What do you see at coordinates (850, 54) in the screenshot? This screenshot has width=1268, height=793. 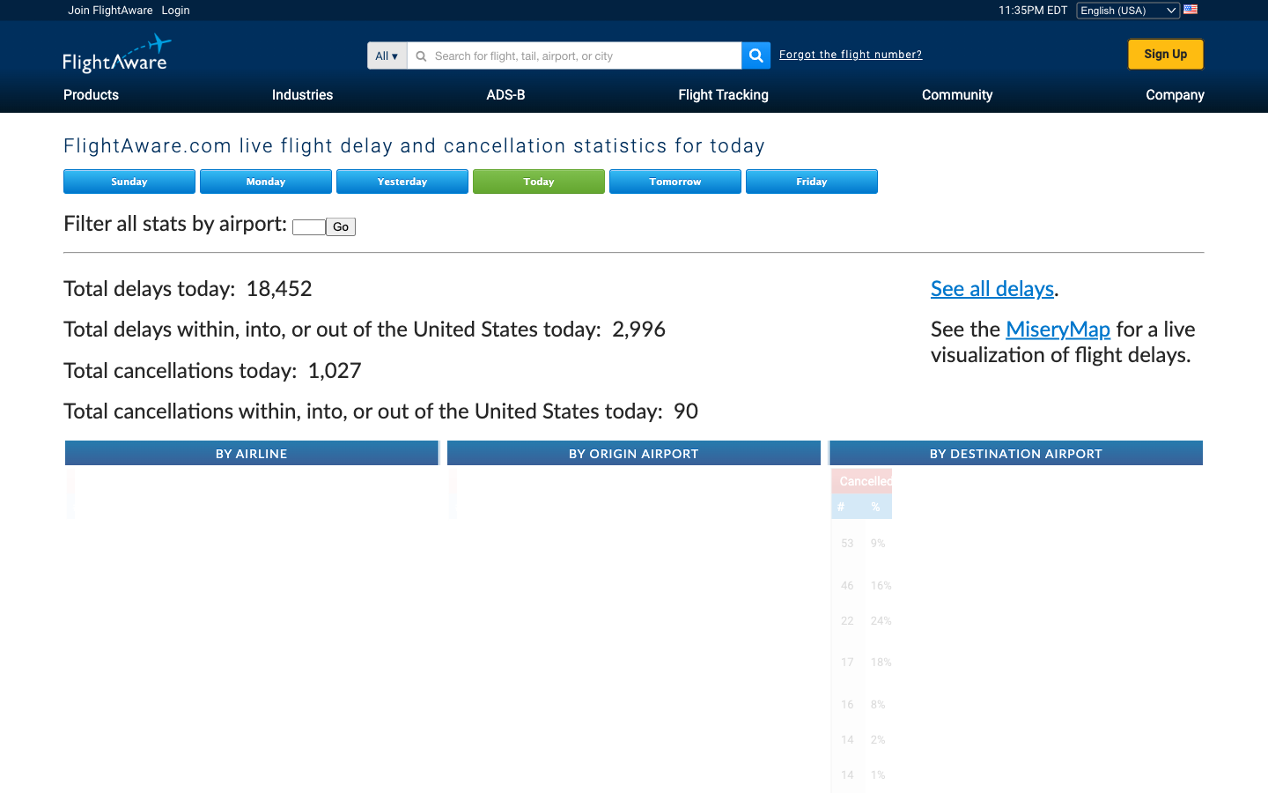 I see `the "forgot flight number" help section` at bounding box center [850, 54].